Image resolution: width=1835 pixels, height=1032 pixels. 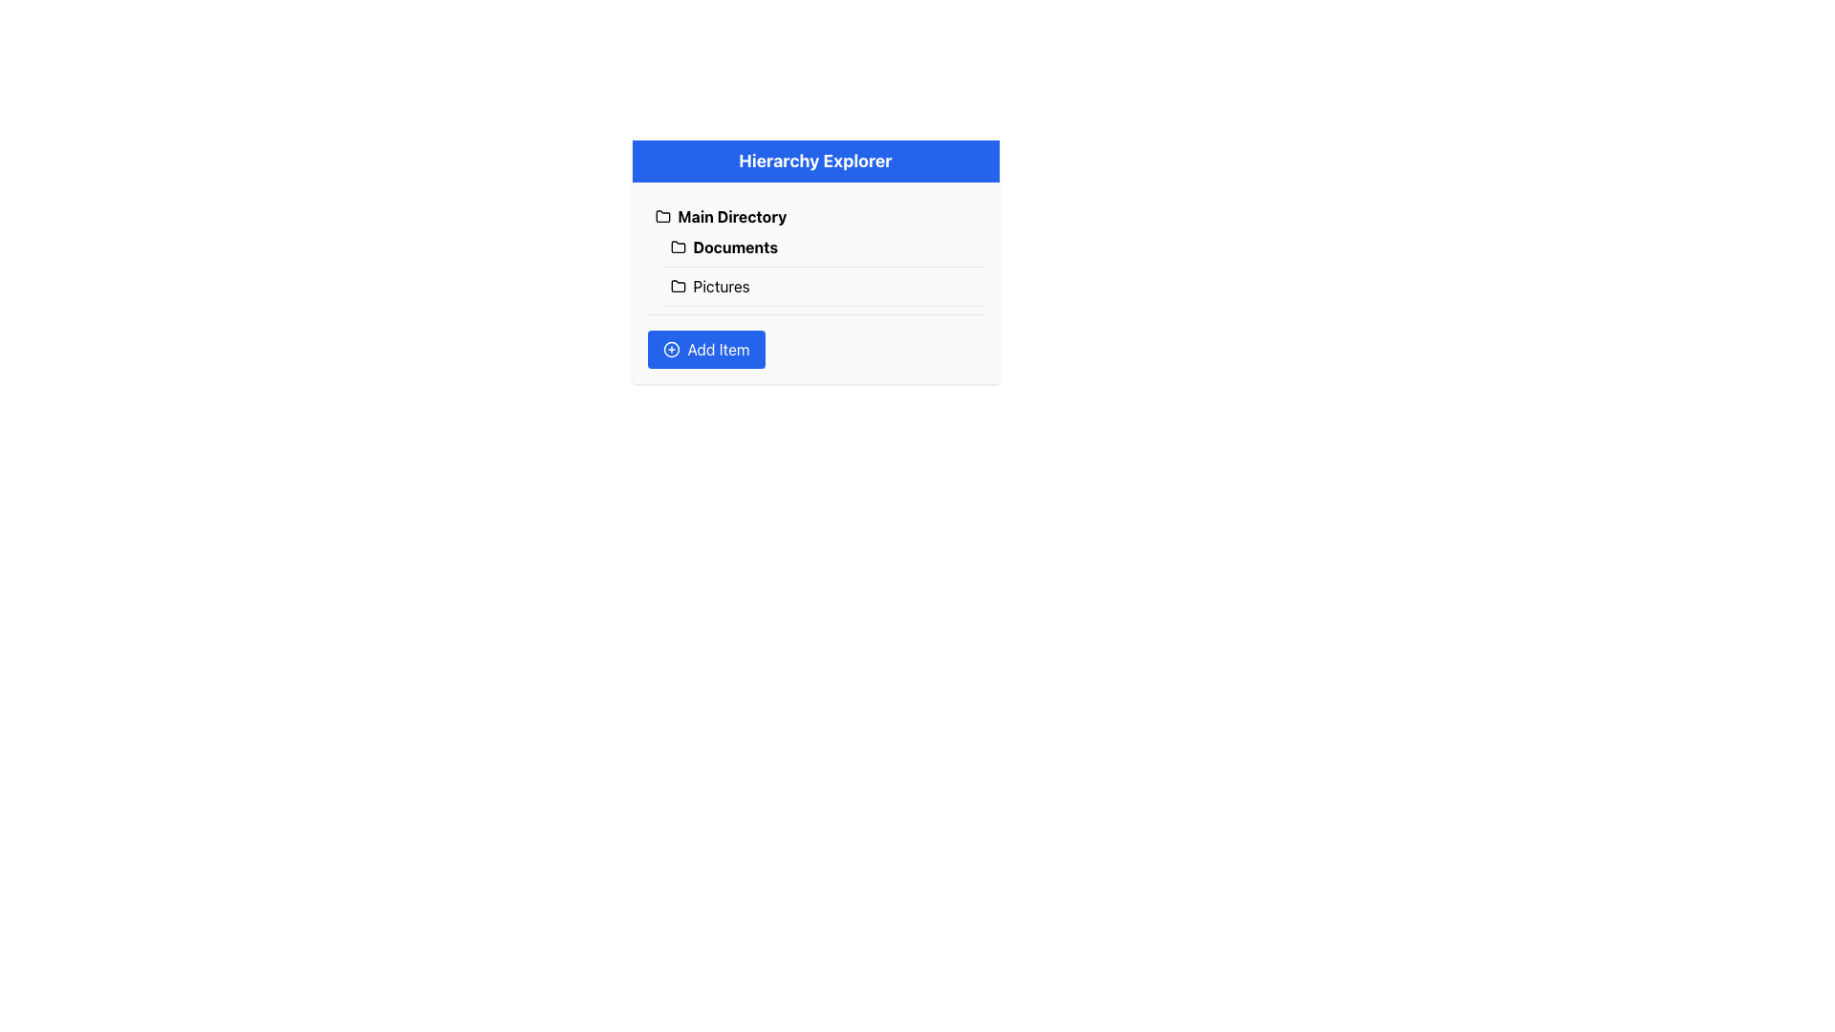 What do you see at coordinates (721, 287) in the screenshot?
I see `the text label displaying 'Pictures'` at bounding box center [721, 287].